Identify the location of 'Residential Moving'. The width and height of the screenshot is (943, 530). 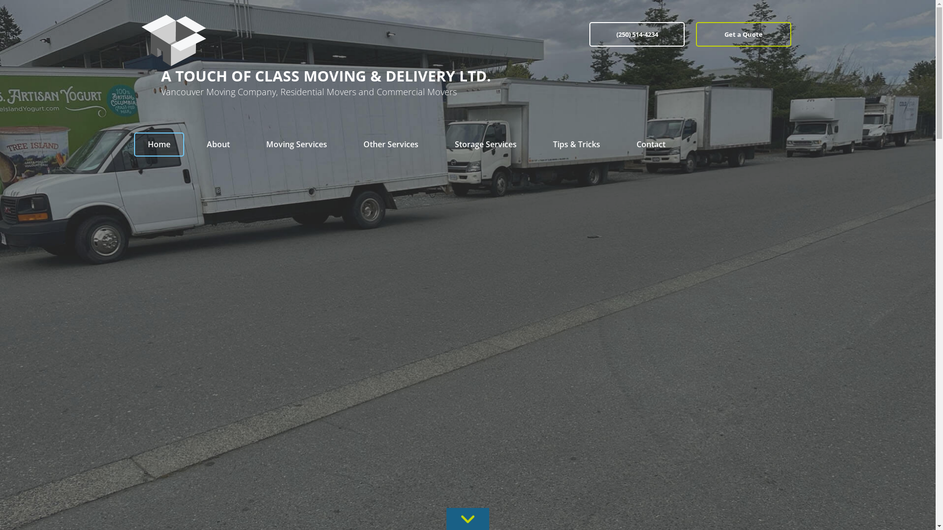
(296, 166).